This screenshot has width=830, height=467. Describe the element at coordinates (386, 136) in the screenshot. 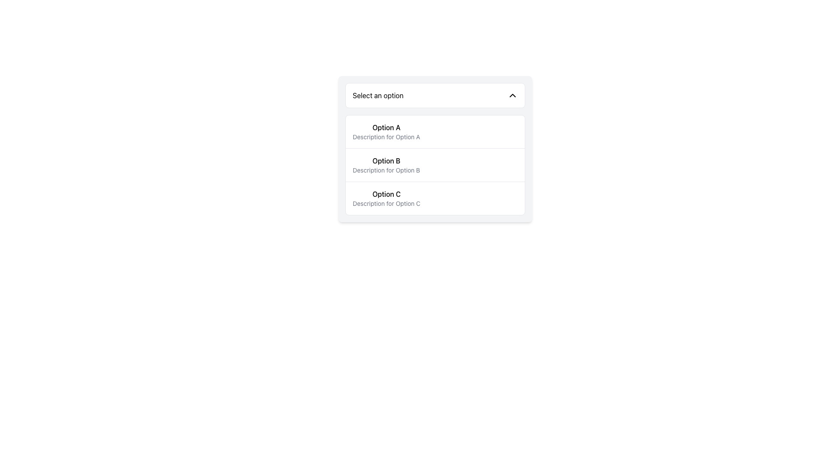

I see `descriptive text label located beneath 'Option A' in the dropdown-like UI component, which is styled in a small gray font` at that location.